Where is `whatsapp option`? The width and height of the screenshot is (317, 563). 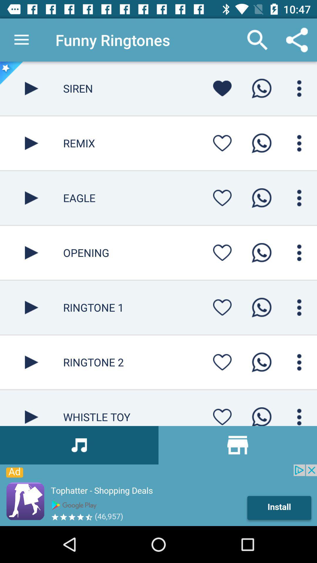
whatsapp option is located at coordinates (261, 143).